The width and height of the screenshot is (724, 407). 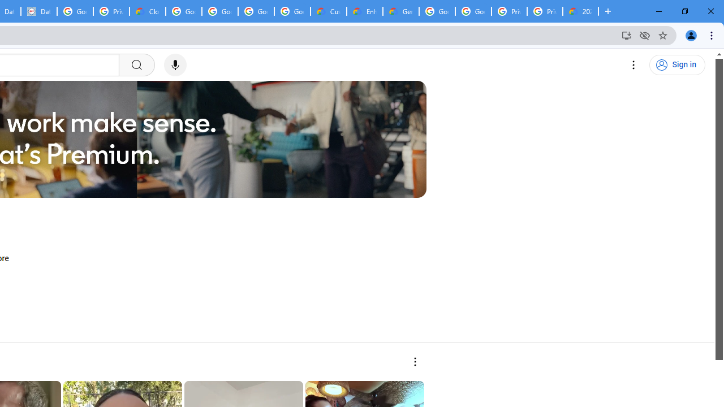 I want to click on 'Data Privacy Framework', so click(x=39, y=11).